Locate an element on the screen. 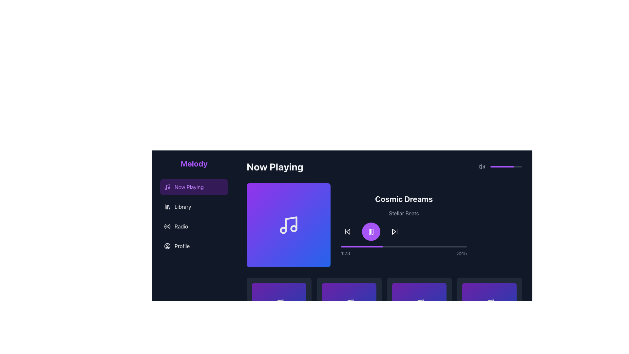 The width and height of the screenshot is (629, 354). the slider is located at coordinates (494, 167).